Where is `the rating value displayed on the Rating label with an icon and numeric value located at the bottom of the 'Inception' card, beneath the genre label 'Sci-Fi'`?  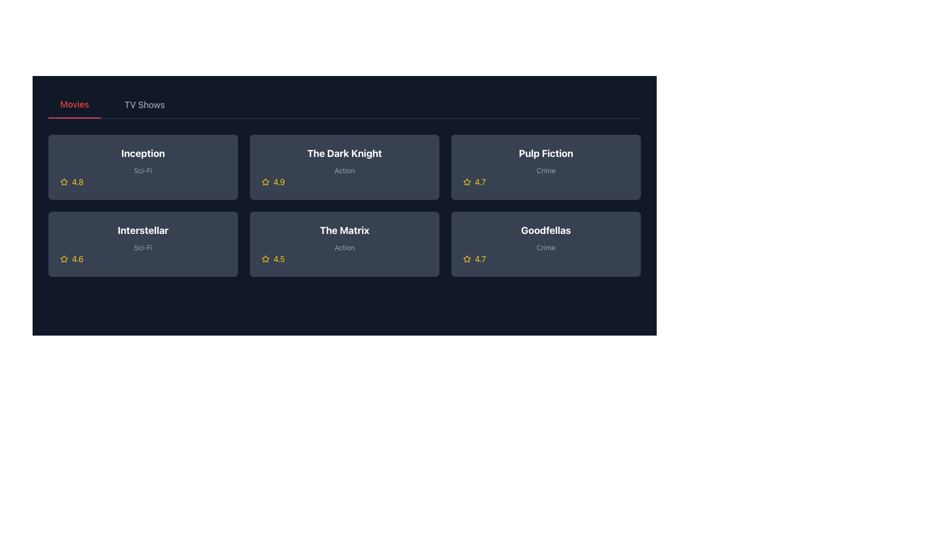
the rating value displayed on the Rating label with an icon and numeric value located at the bottom of the 'Inception' card, beneath the genre label 'Sci-Fi' is located at coordinates (142, 182).